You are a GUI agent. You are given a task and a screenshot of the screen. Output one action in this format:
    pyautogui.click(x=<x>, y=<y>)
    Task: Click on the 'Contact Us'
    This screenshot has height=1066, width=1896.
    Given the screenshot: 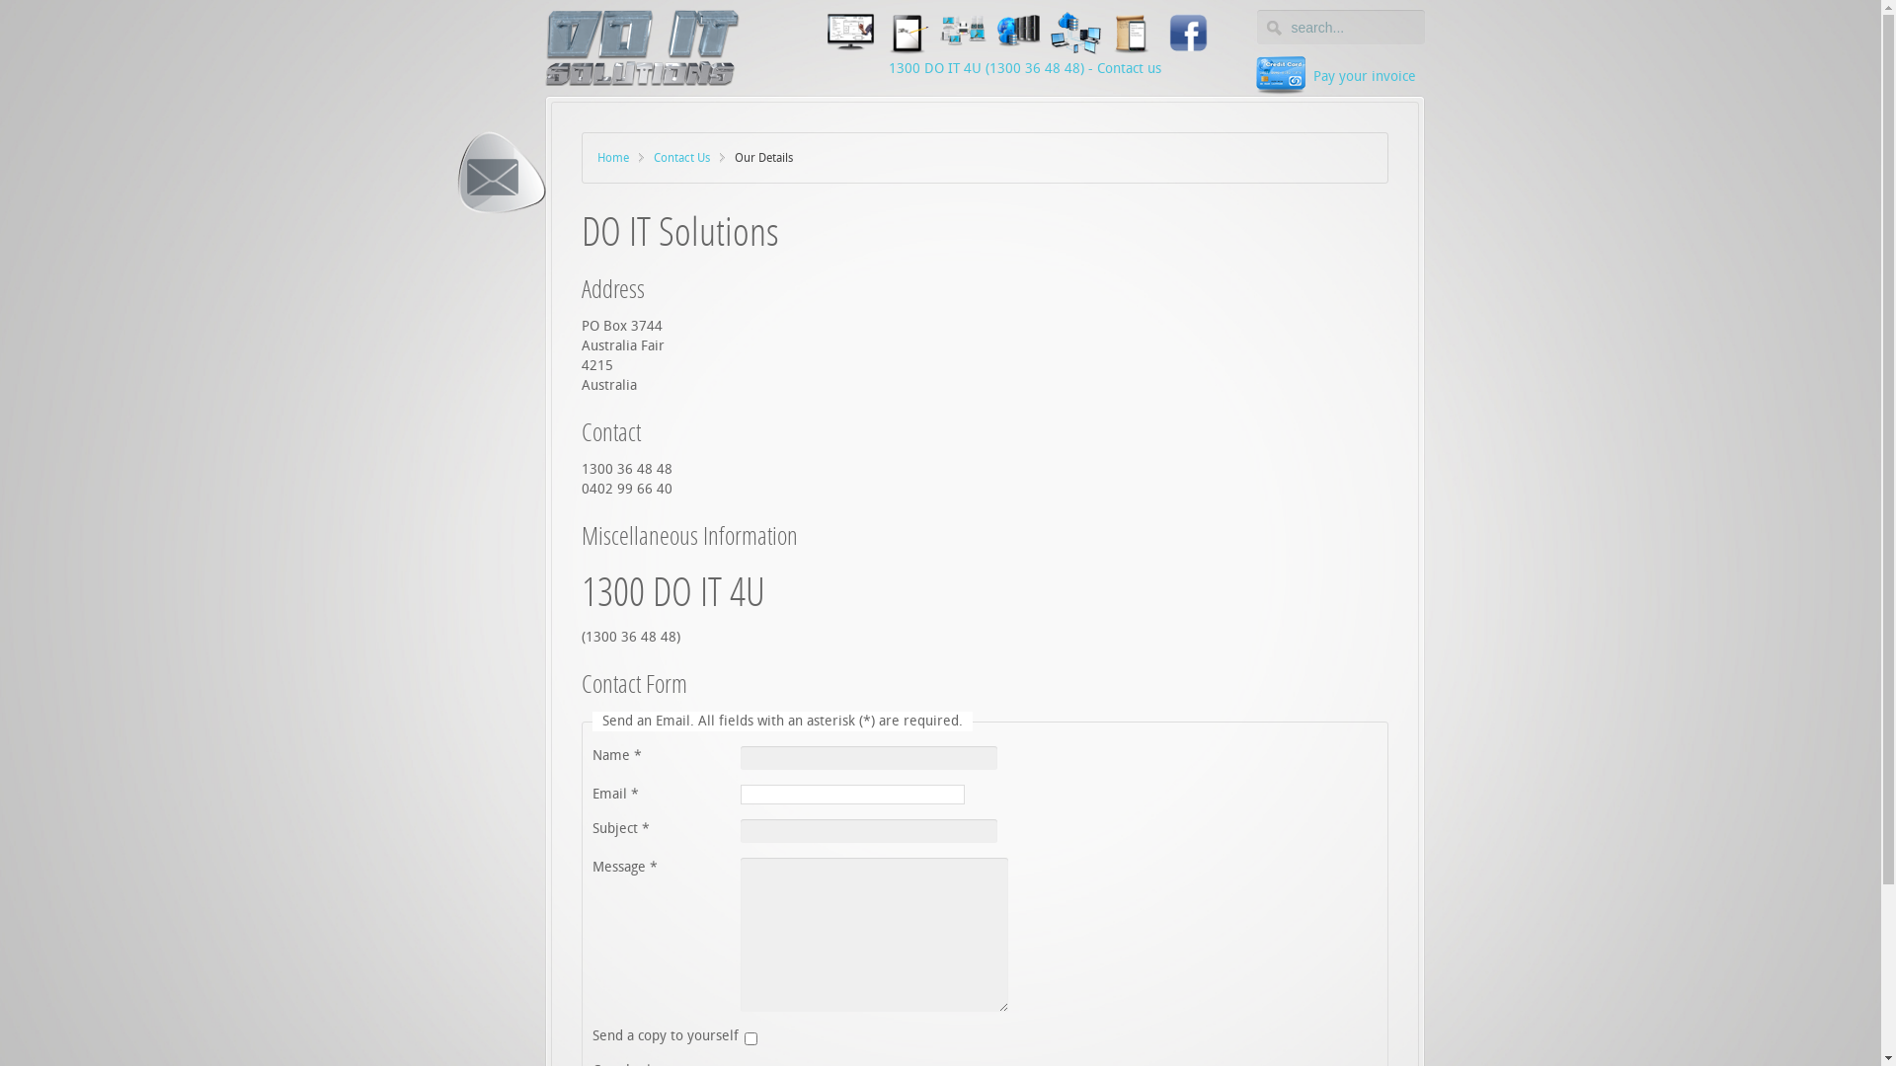 What is the action you would take?
    pyautogui.click(x=688, y=156)
    